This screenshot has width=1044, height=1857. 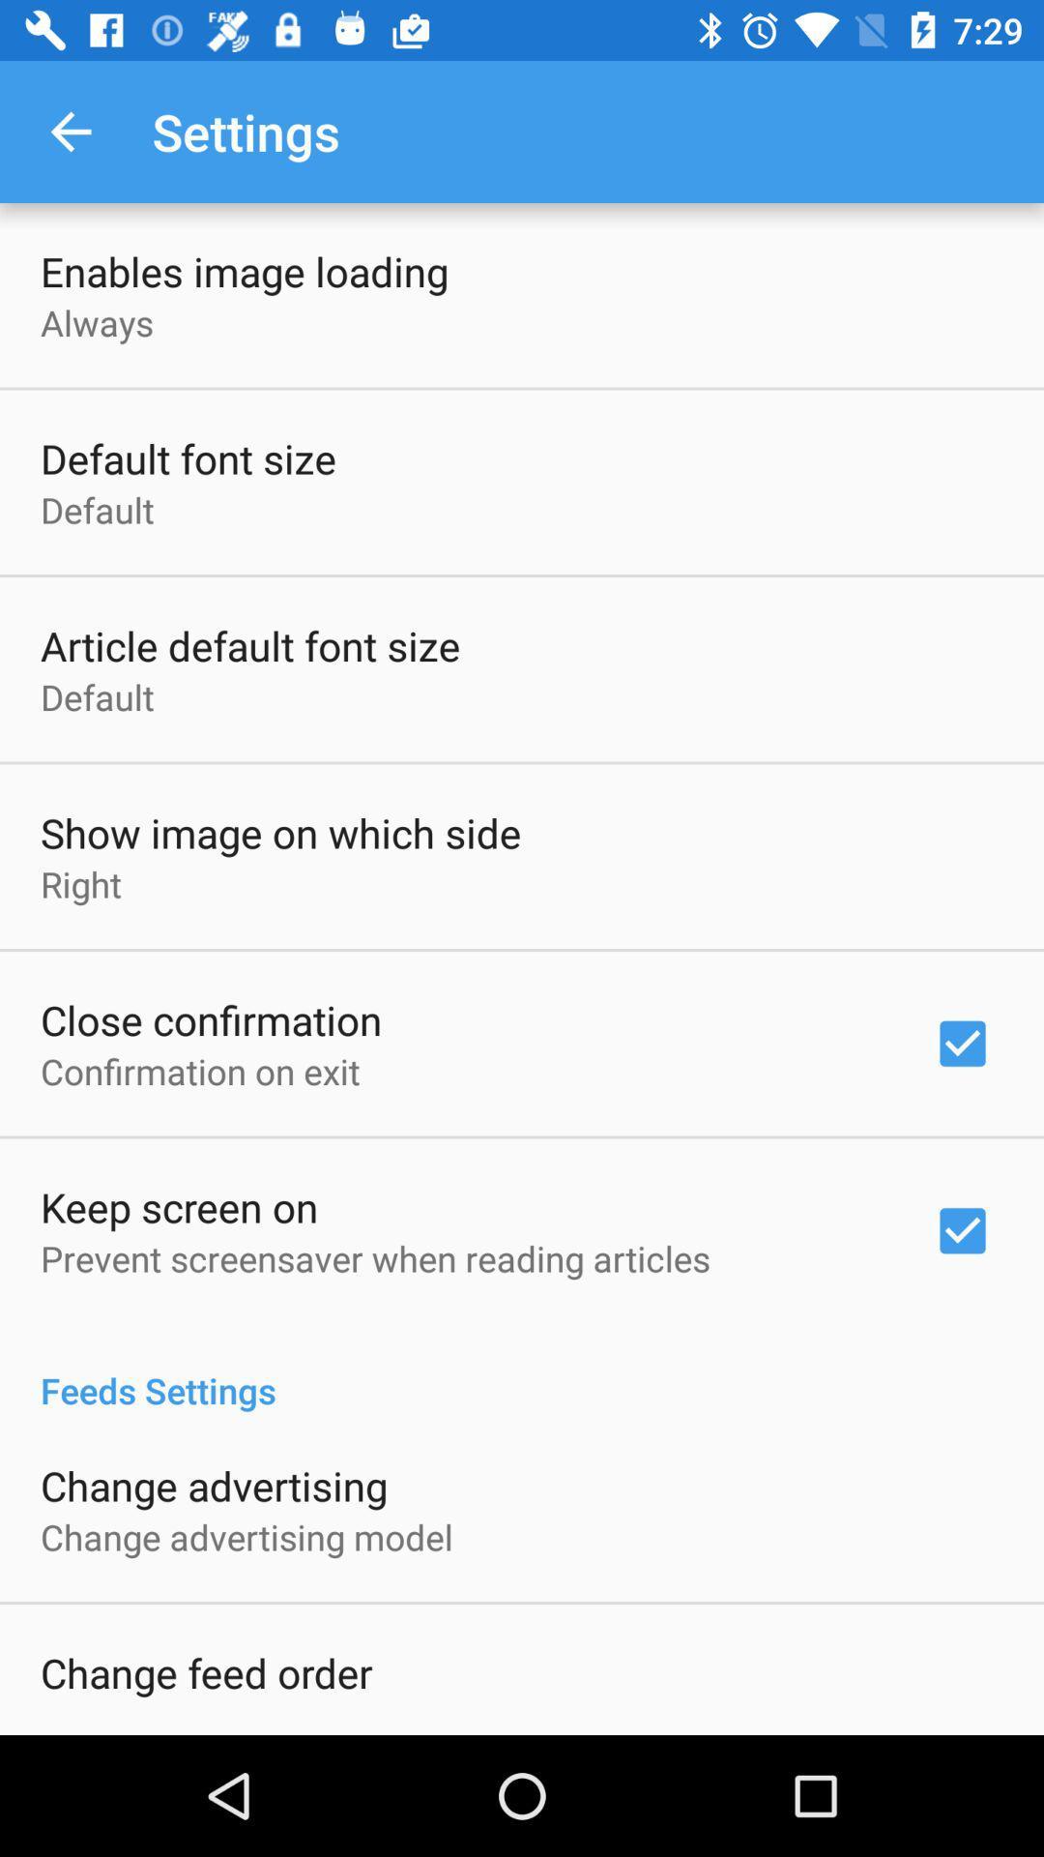 What do you see at coordinates (200, 1070) in the screenshot?
I see `the item above the keep screen on item` at bounding box center [200, 1070].